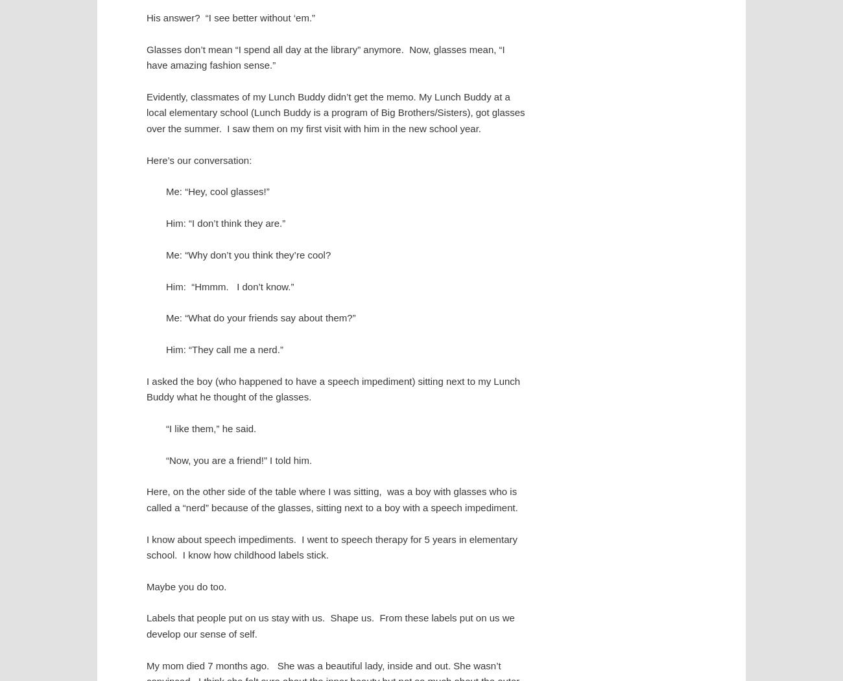 This screenshot has width=843, height=681. What do you see at coordinates (260, 317) in the screenshot?
I see `'Me: “What do your friends say about them?”'` at bounding box center [260, 317].